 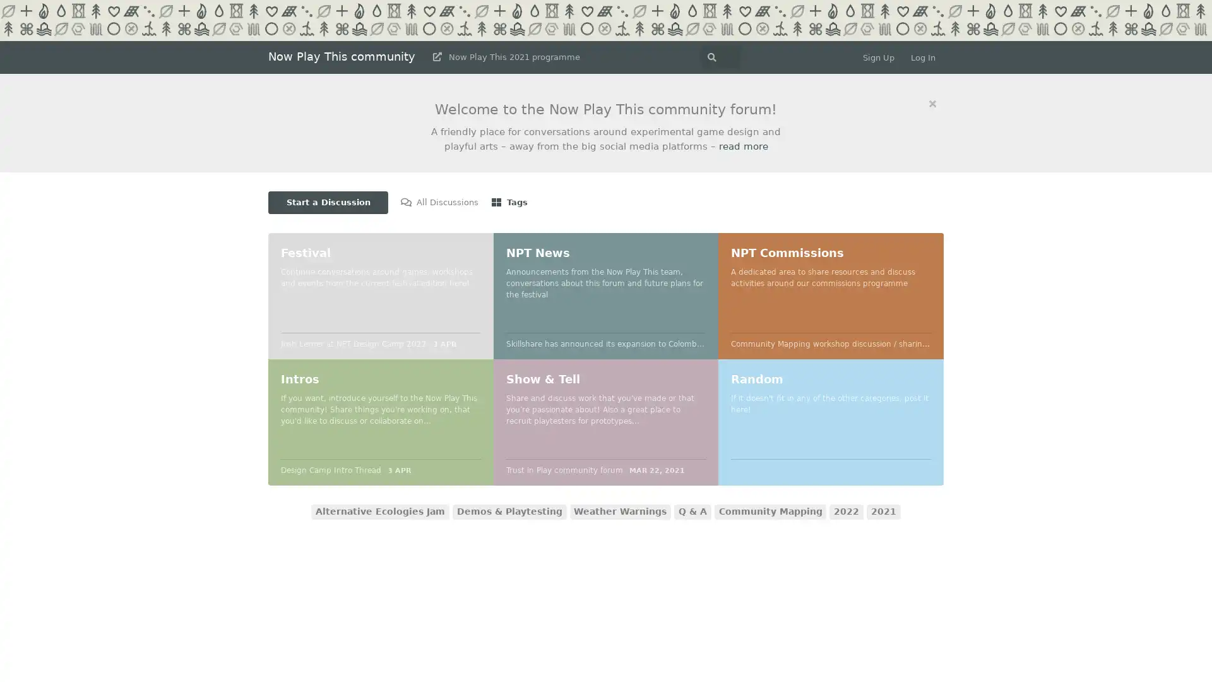 I want to click on Sign Up, so click(x=878, y=57).